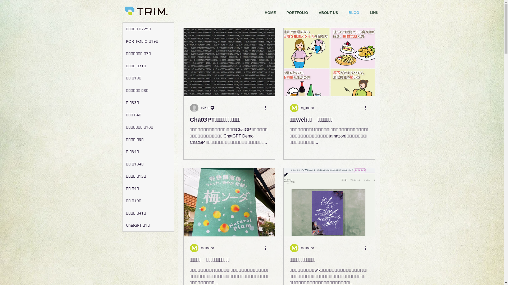  What do you see at coordinates (297, 12) in the screenshot?
I see `'PORTFOLIO'` at bounding box center [297, 12].